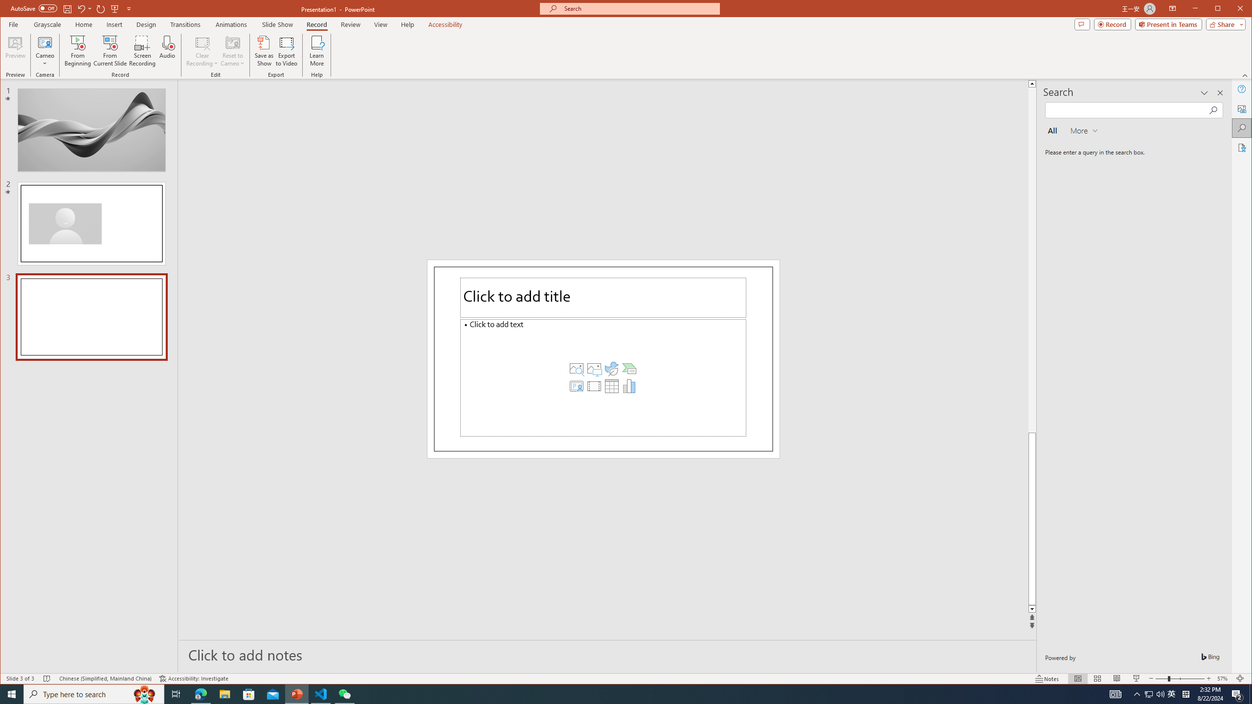 Image resolution: width=1252 pixels, height=704 pixels. Describe the element at coordinates (603, 377) in the screenshot. I see `'Content Placeholder'` at that location.